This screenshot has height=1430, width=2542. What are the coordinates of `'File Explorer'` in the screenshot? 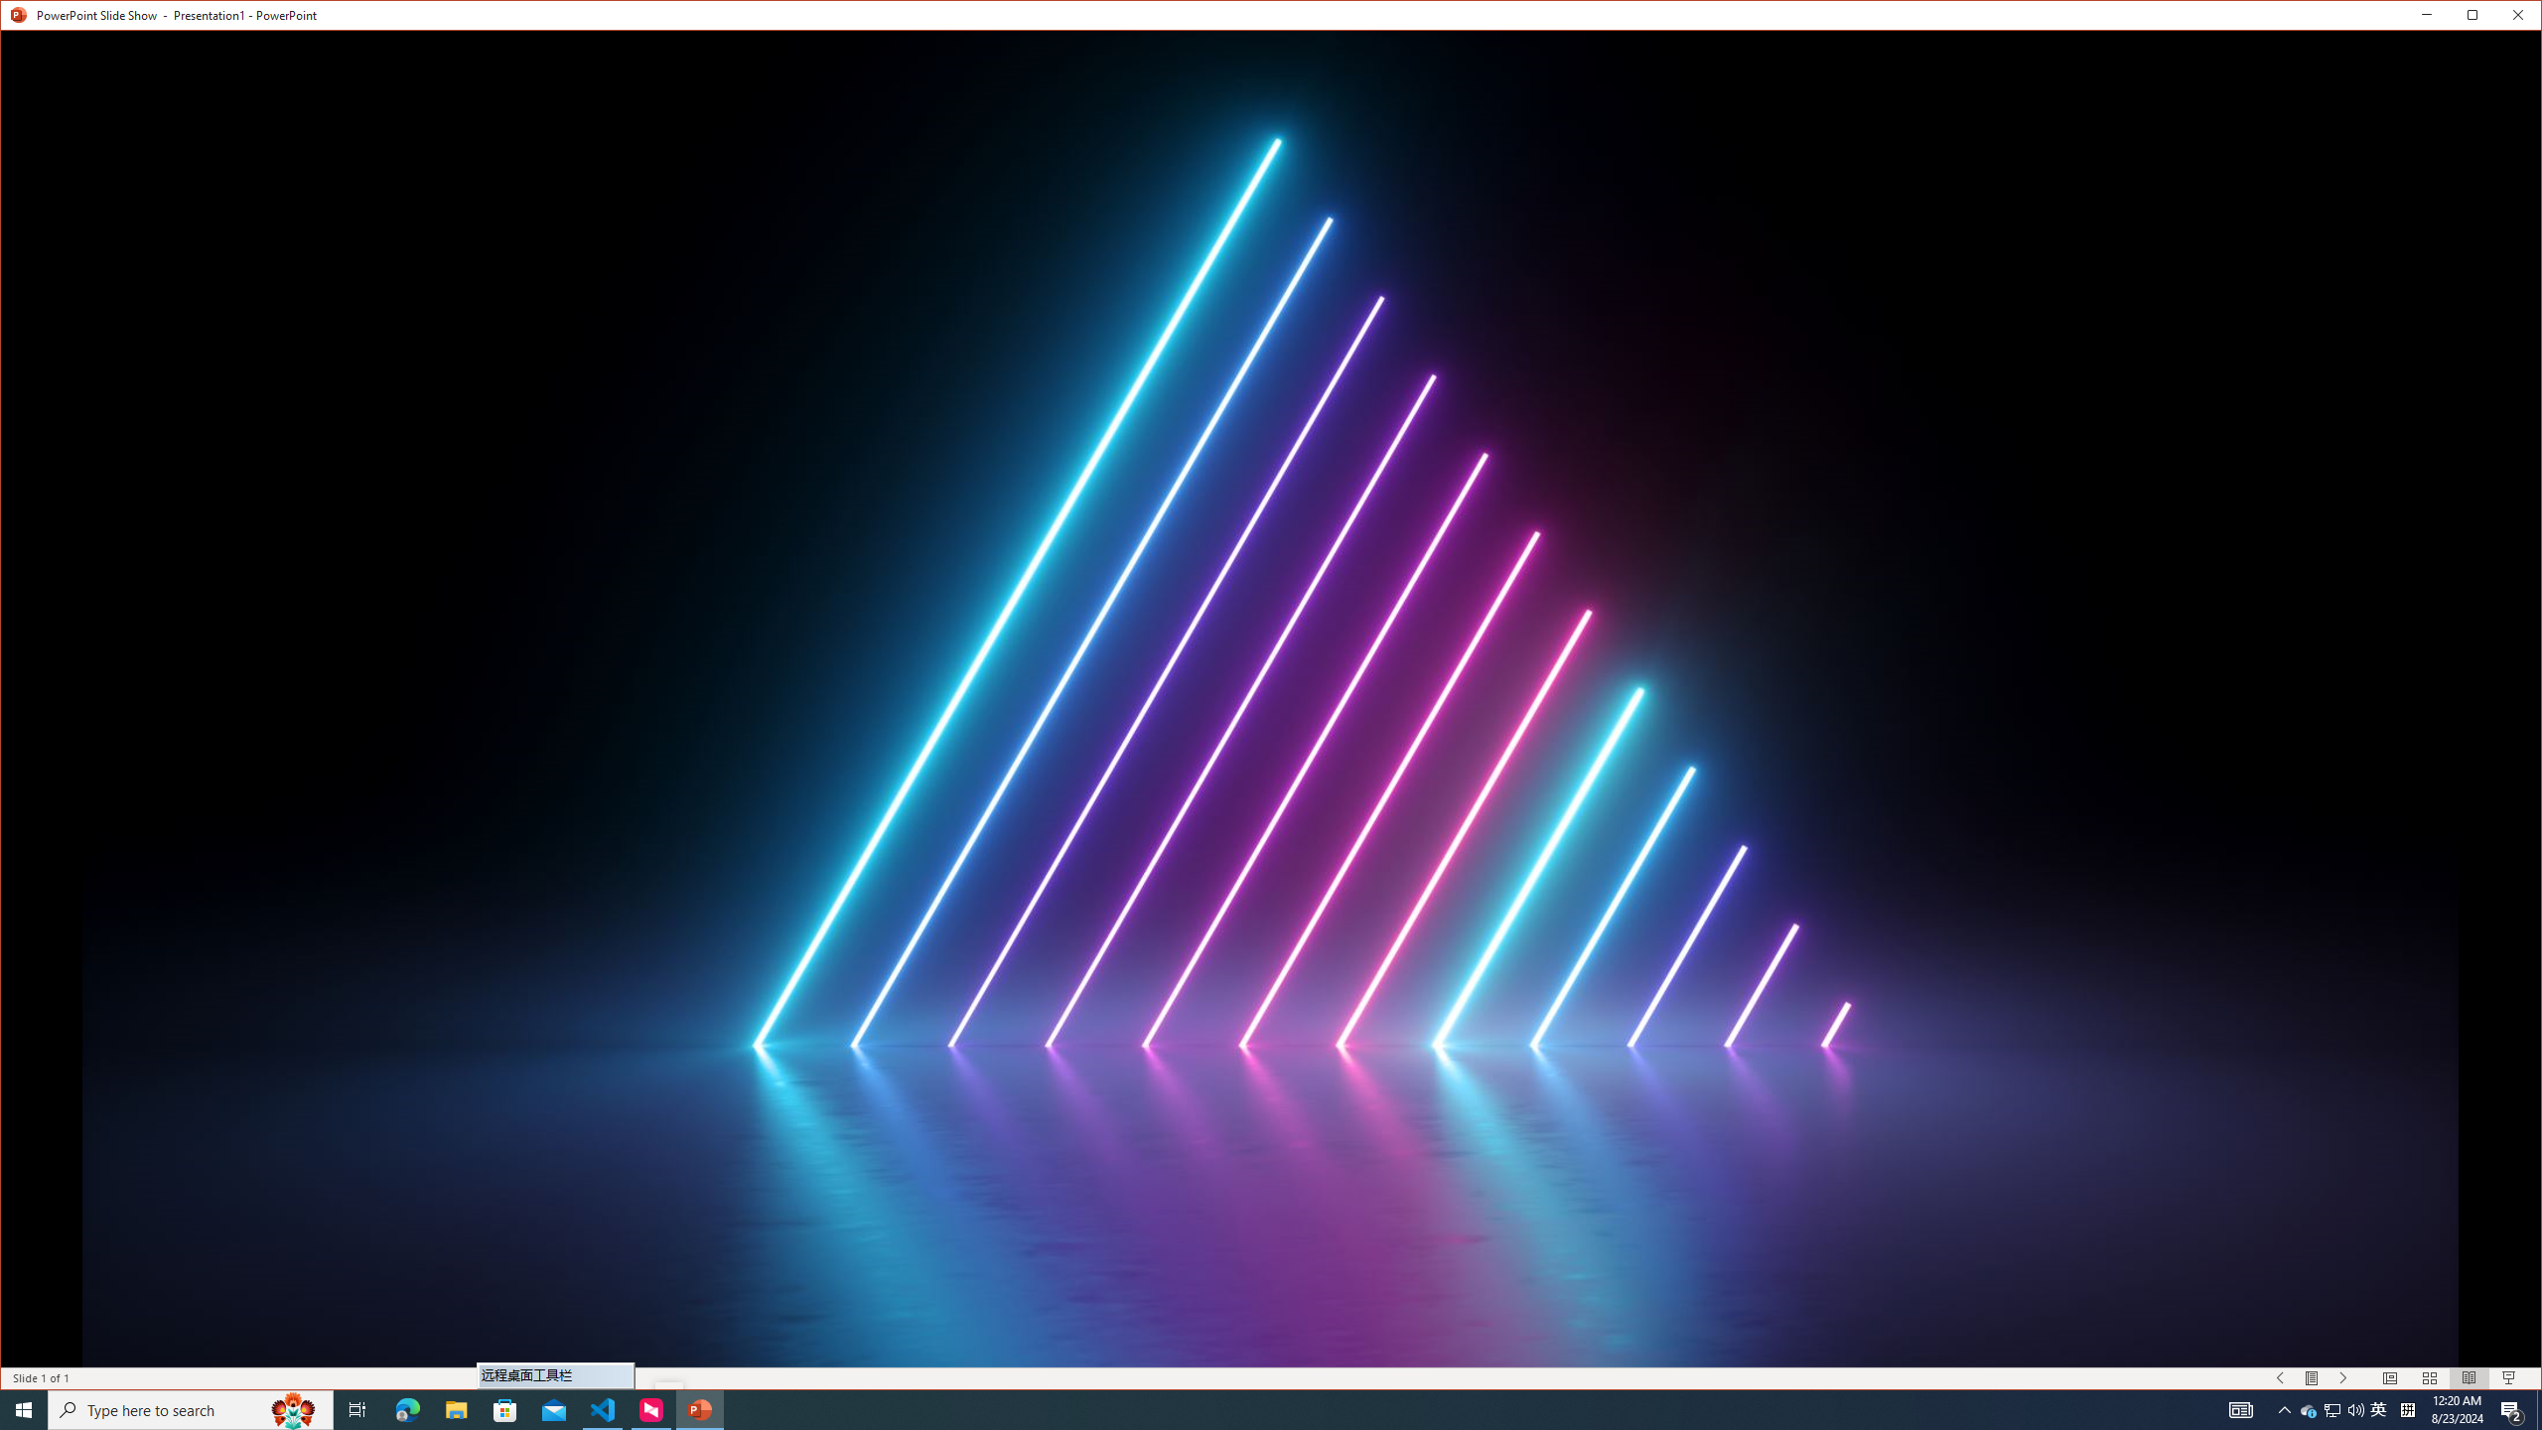 It's located at (455, 1408).